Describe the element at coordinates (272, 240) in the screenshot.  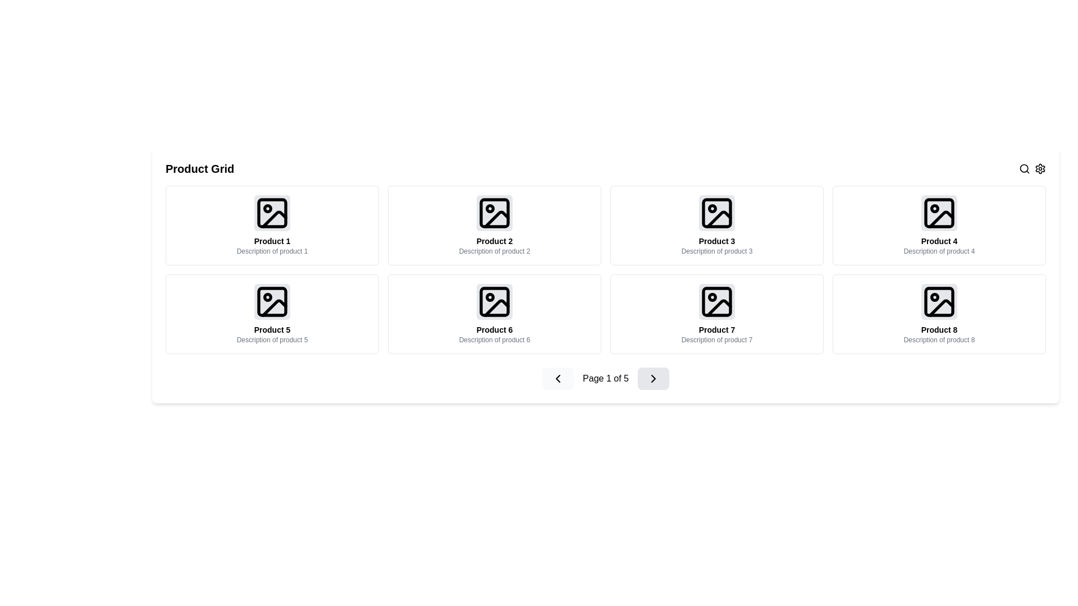
I see `the product name label that indicates the title of the product, located above the 'Description of product 1' text in the top-left section of the grid` at that location.